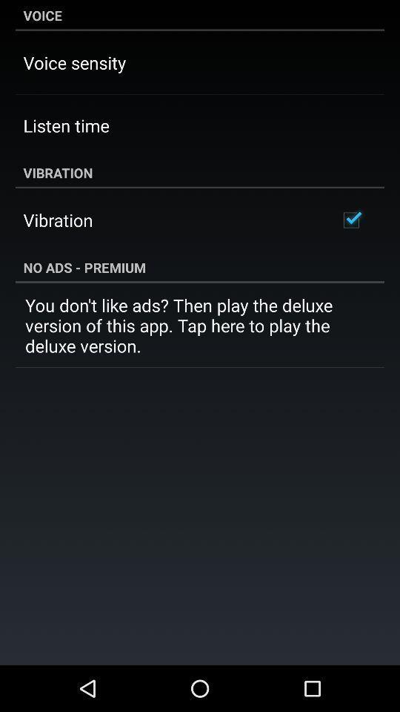 The height and width of the screenshot is (712, 400). I want to click on the icon above the you don t, so click(200, 267).